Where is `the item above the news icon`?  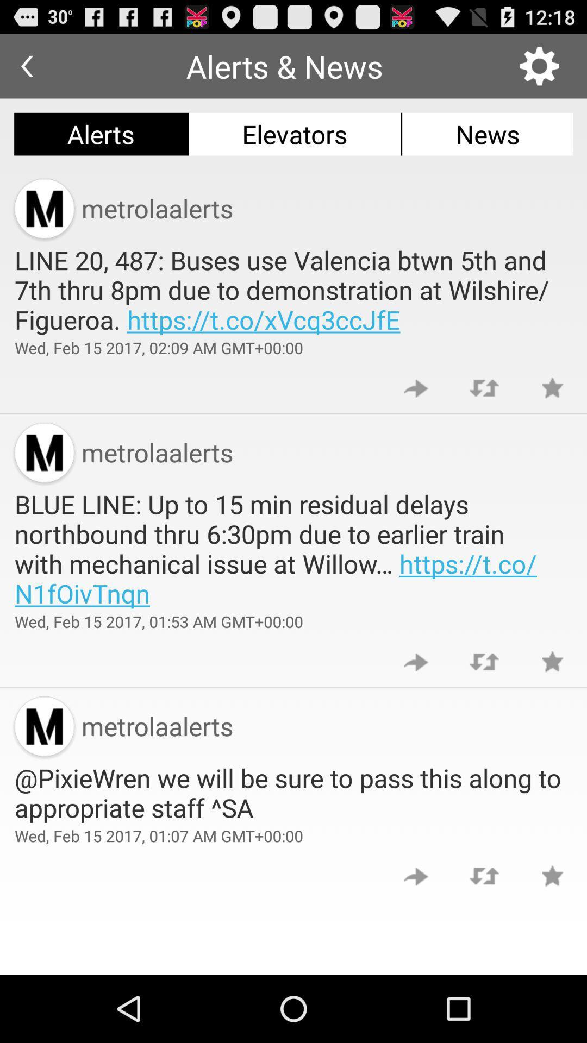
the item above the news icon is located at coordinates (539, 66).